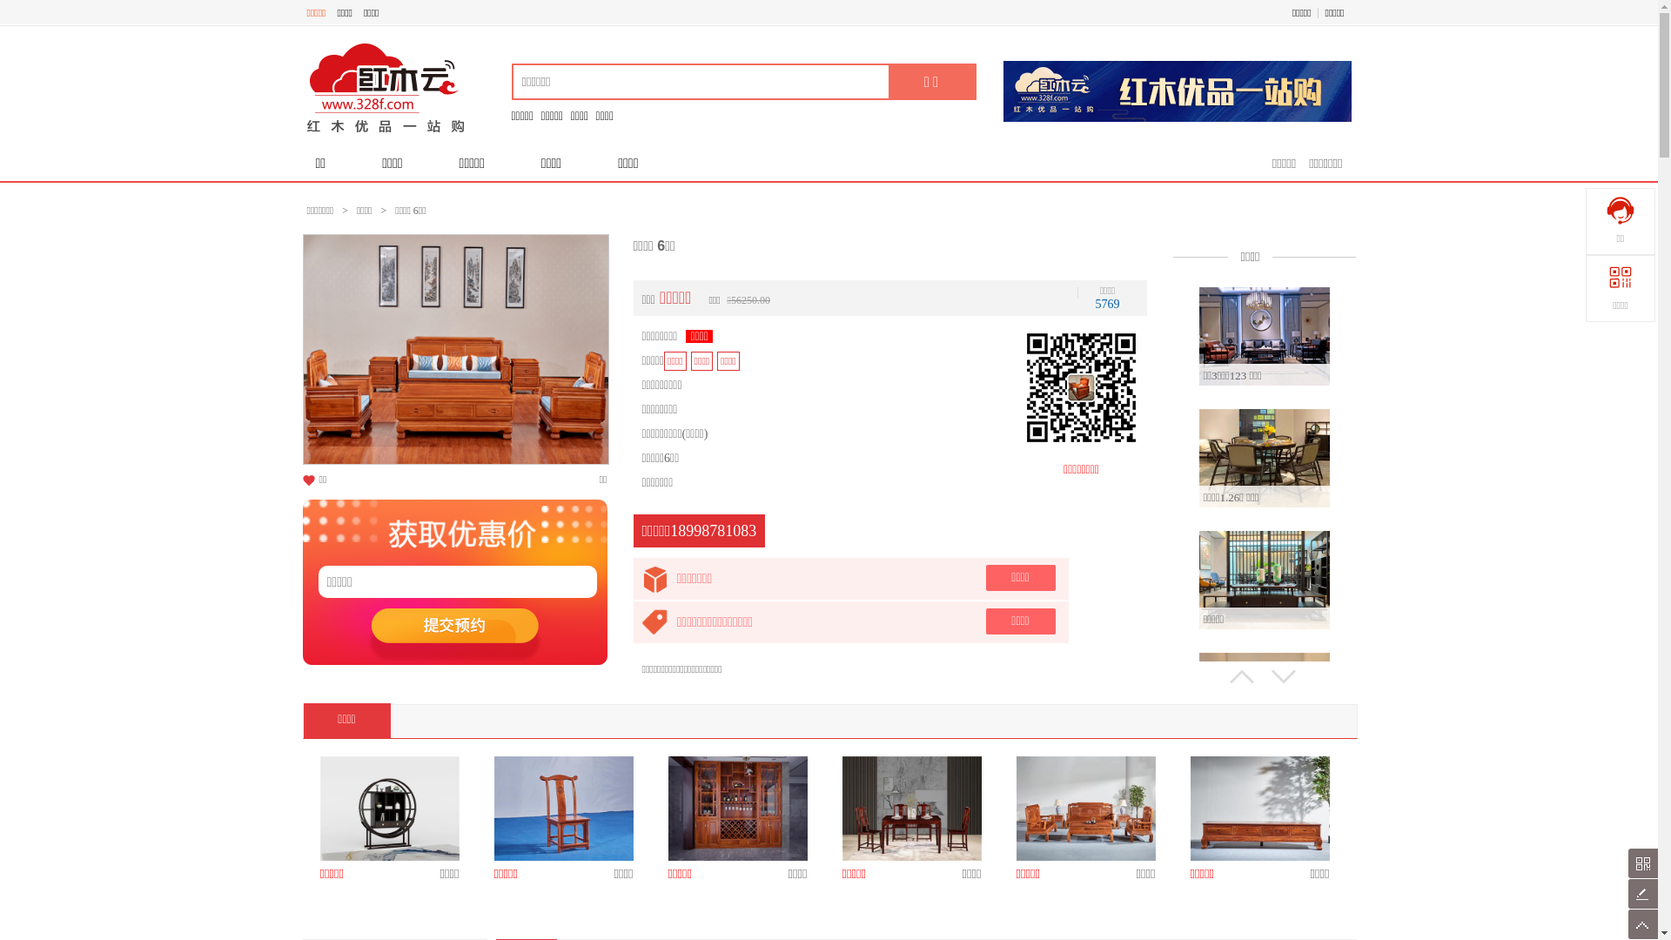 This screenshot has height=940, width=1671. I want to click on '5769', so click(1106, 303).